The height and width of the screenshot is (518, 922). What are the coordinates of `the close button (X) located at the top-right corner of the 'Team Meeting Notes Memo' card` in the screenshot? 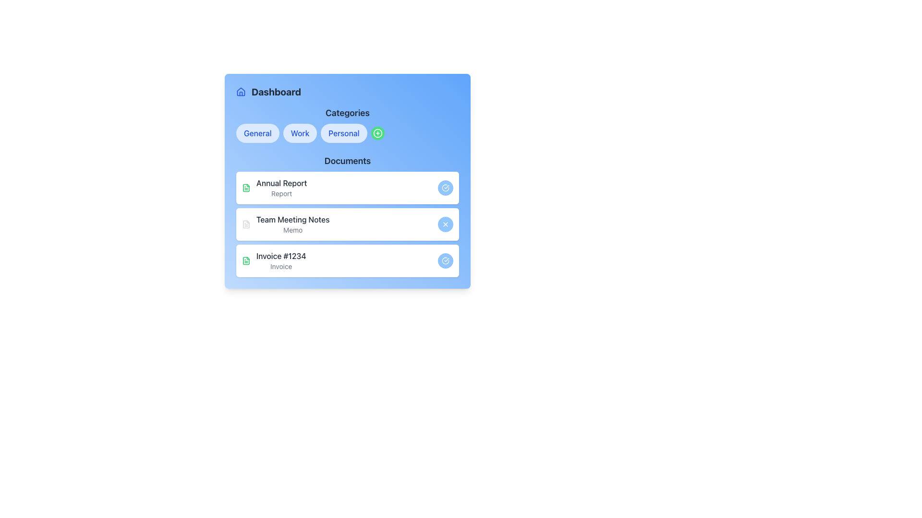 It's located at (445, 224).